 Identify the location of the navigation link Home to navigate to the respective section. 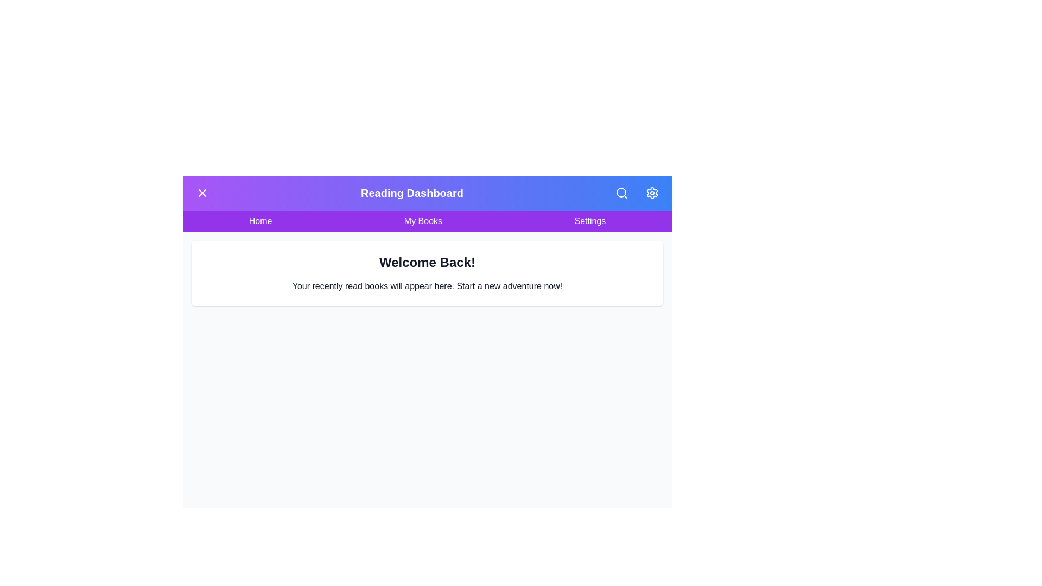
(260, 221).